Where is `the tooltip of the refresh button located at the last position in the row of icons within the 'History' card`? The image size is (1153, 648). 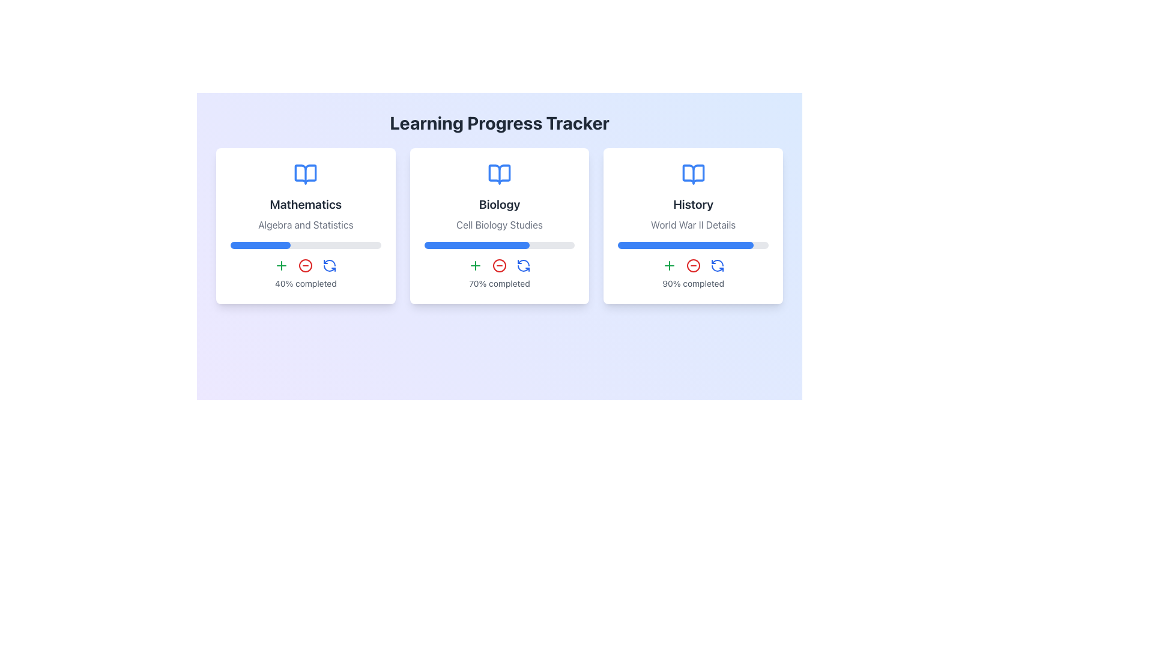 the tooltip of the refresh button located at the last position in the row of icons within the 'History' card is located at coordinates (717, 265).